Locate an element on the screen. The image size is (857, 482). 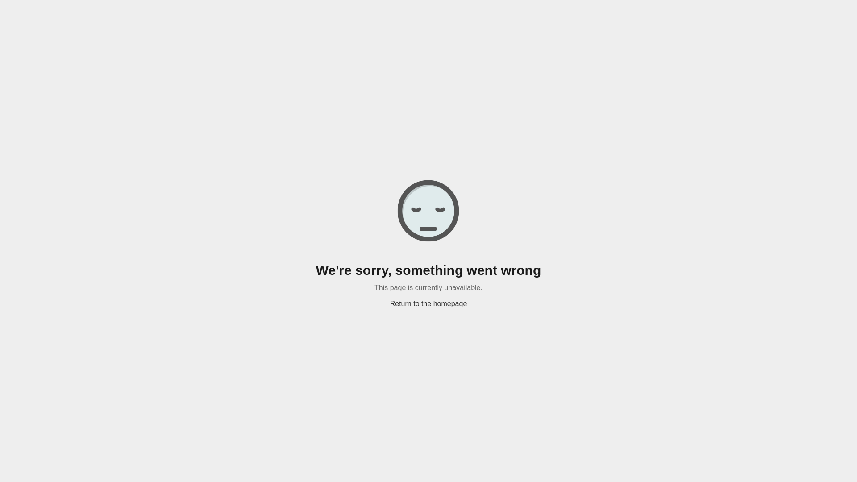
'Return to the homepage' is located at coordinates (428, 303).